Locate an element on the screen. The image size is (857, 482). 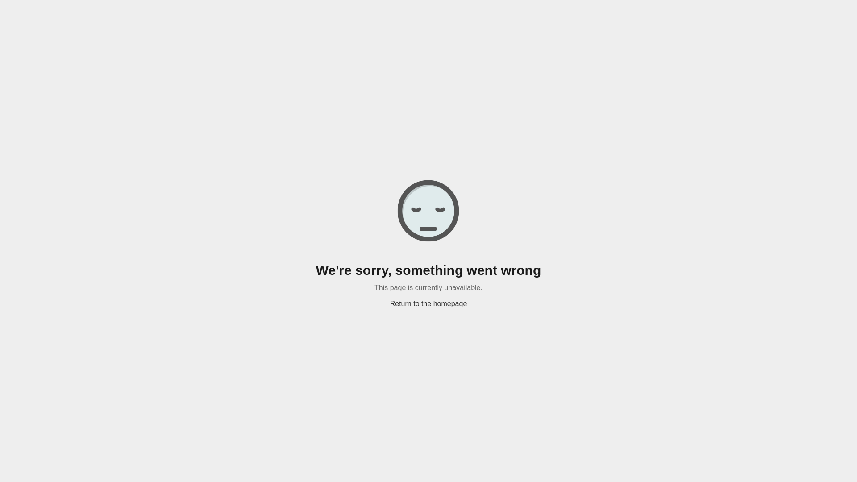
'Return to the homepage' is located at coordinates (428, 303).